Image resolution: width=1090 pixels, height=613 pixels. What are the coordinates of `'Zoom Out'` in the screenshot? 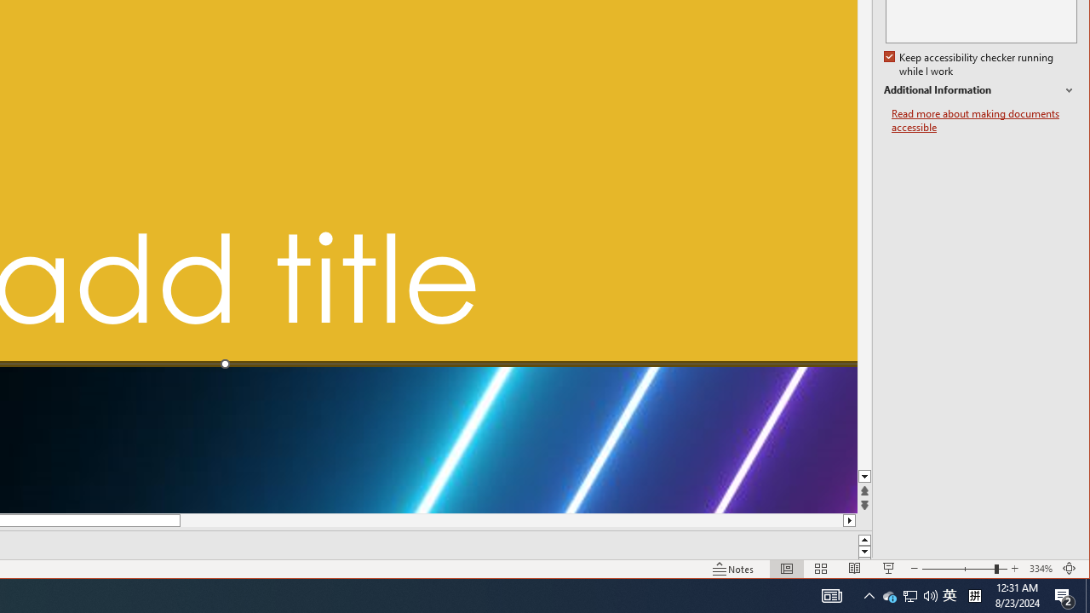 It's located at (958, 569).